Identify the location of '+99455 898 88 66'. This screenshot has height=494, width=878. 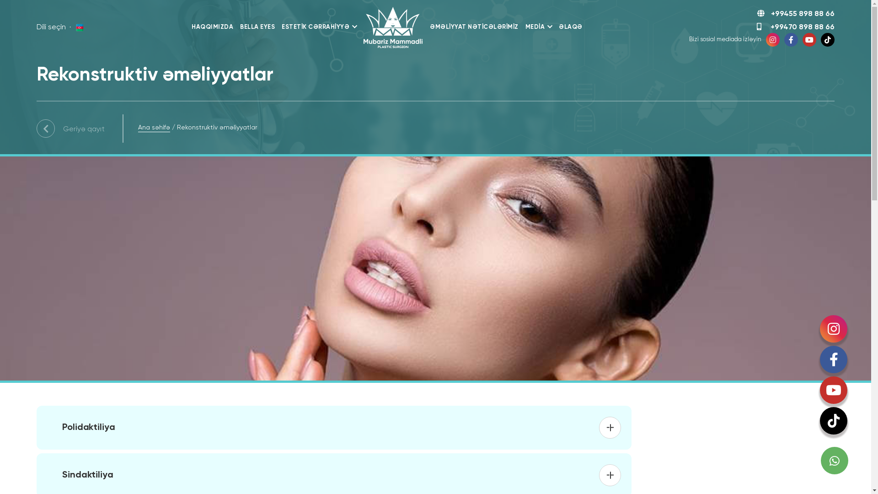
(761, 14).